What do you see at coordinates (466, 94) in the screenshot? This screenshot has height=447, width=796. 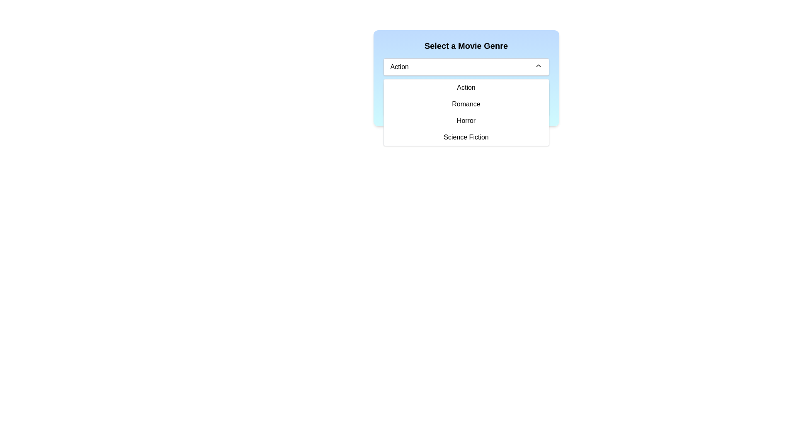 I see `the first selectable option in the dropdown menu titled 'Select a Movie Genre'` at bounding box center [466, 94].